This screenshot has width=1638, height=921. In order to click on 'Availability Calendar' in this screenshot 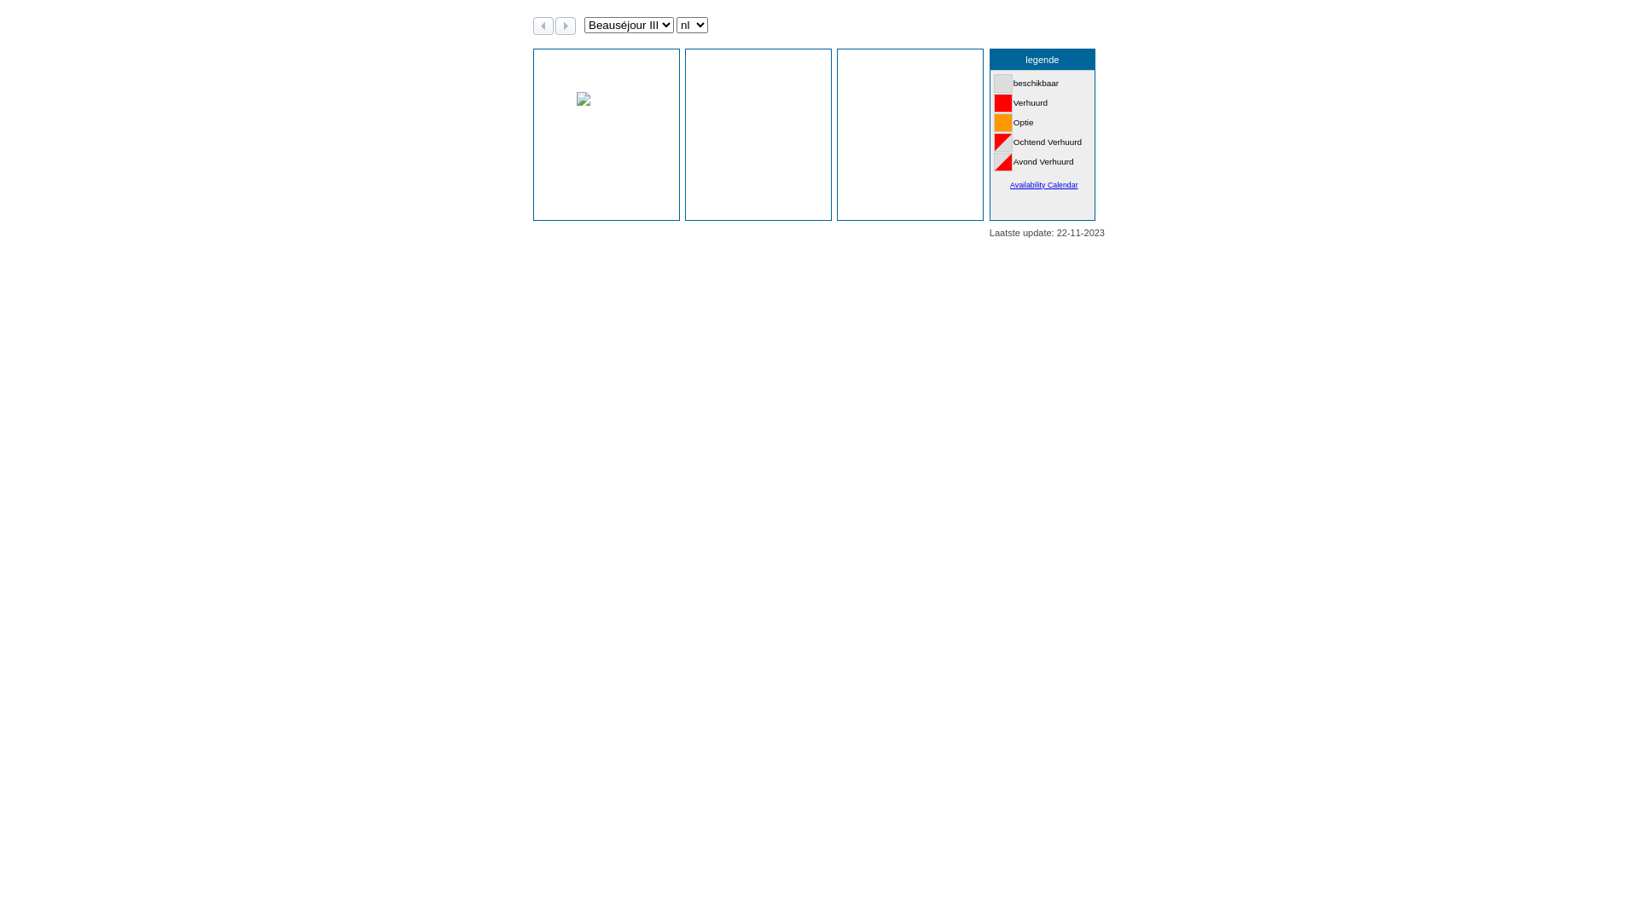, I will do `click(1043, 184)`.